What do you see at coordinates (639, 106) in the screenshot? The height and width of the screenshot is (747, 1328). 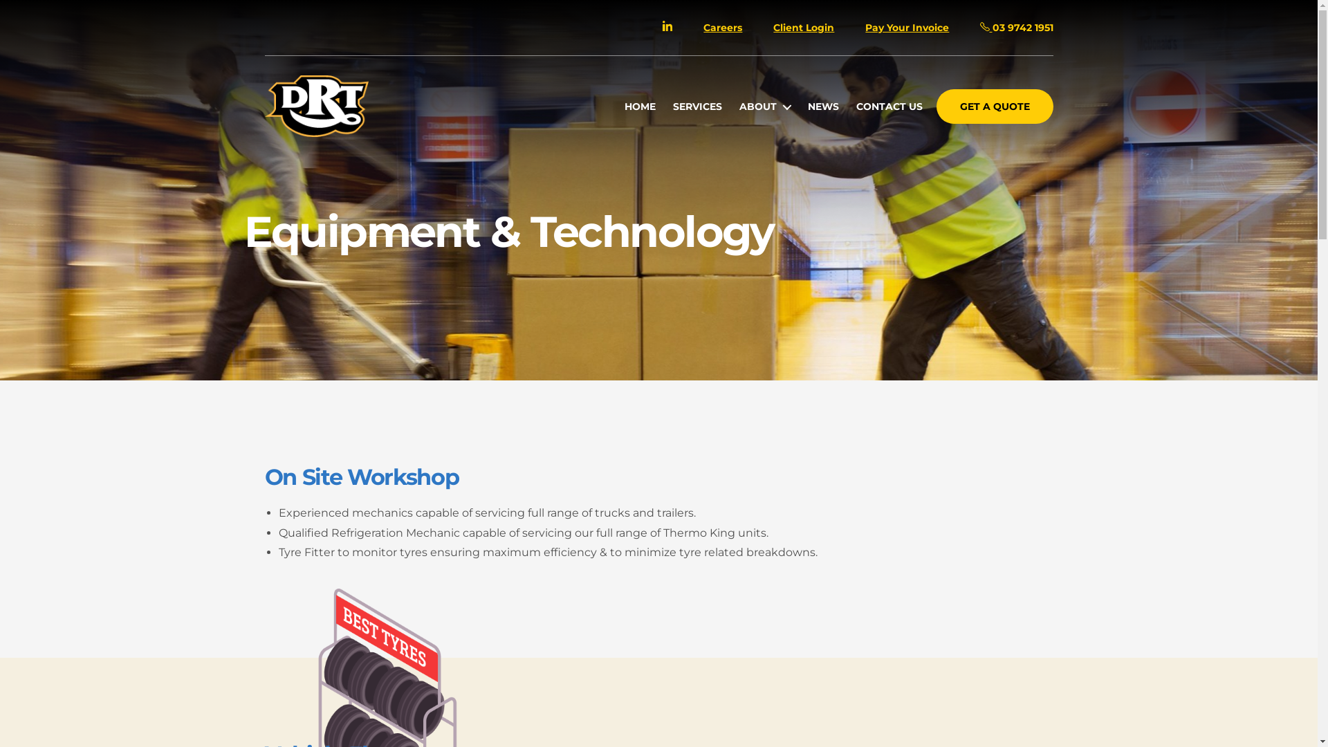 I see `'HOME'` at bounding box center [639, 106].